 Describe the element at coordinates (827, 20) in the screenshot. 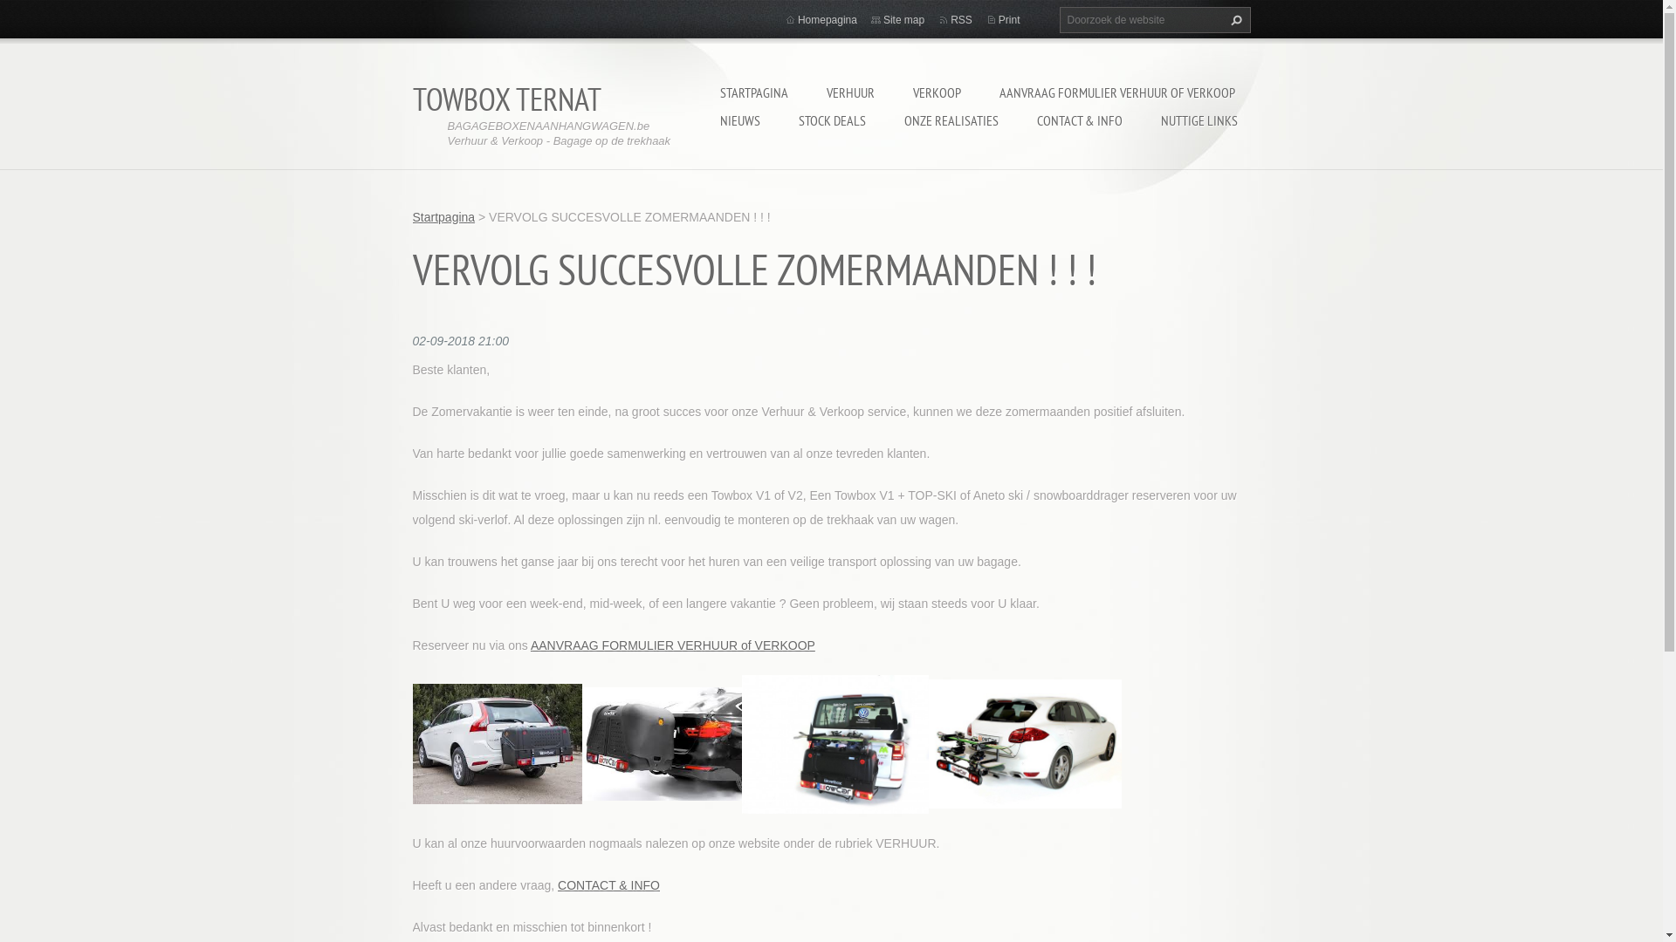

I see `'Homepagina'` at that location.